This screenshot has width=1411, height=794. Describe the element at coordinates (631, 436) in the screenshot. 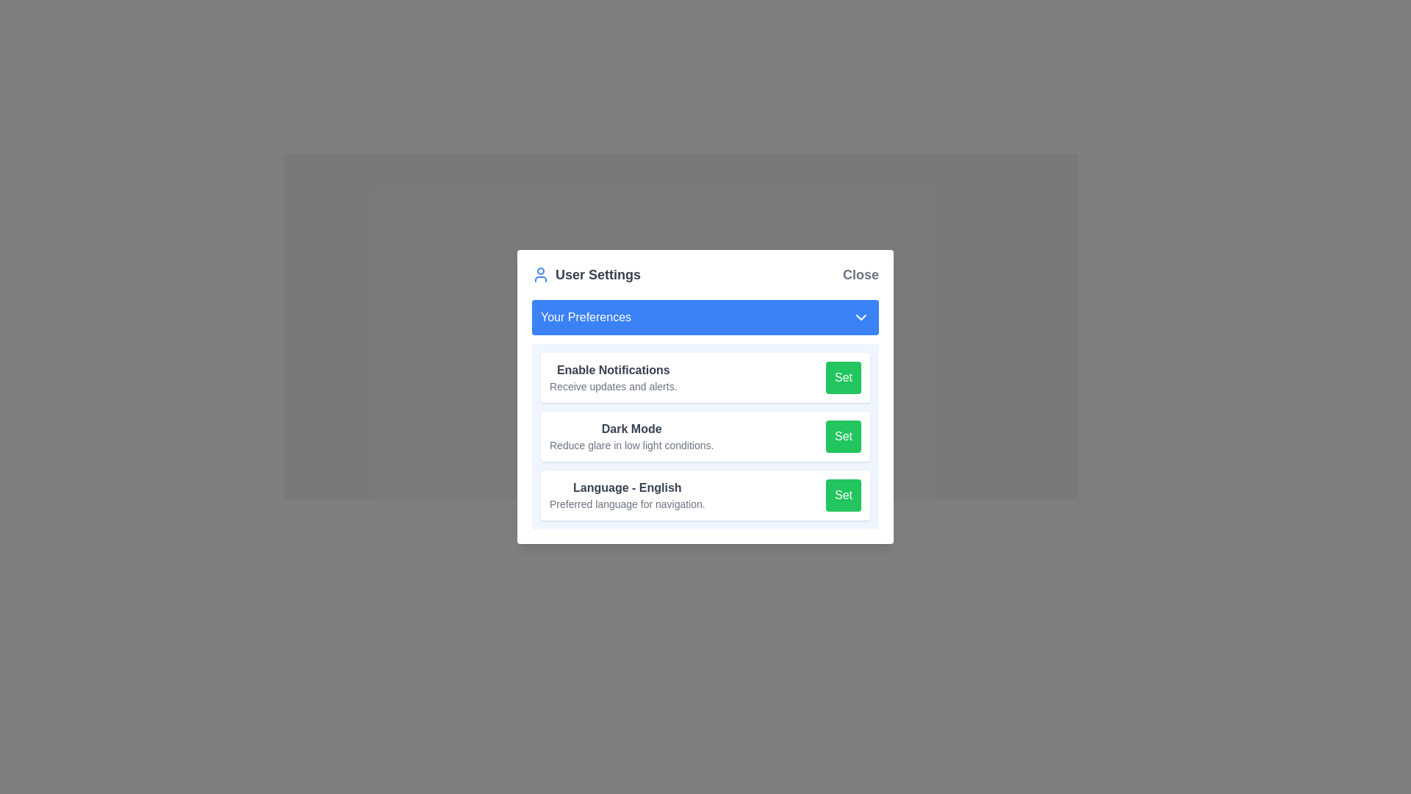

I see `the 'Dark Mode' text label, which is the second item in the vertical list of options under 'Your Preferences', positioned between 'Enable Notifications' and 'Language - English'` at that location.